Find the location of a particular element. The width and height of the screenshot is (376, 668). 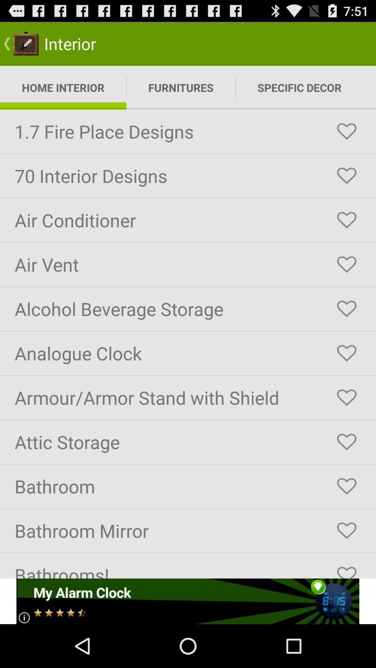

my alaram clock is located at coordinates (187, 601).